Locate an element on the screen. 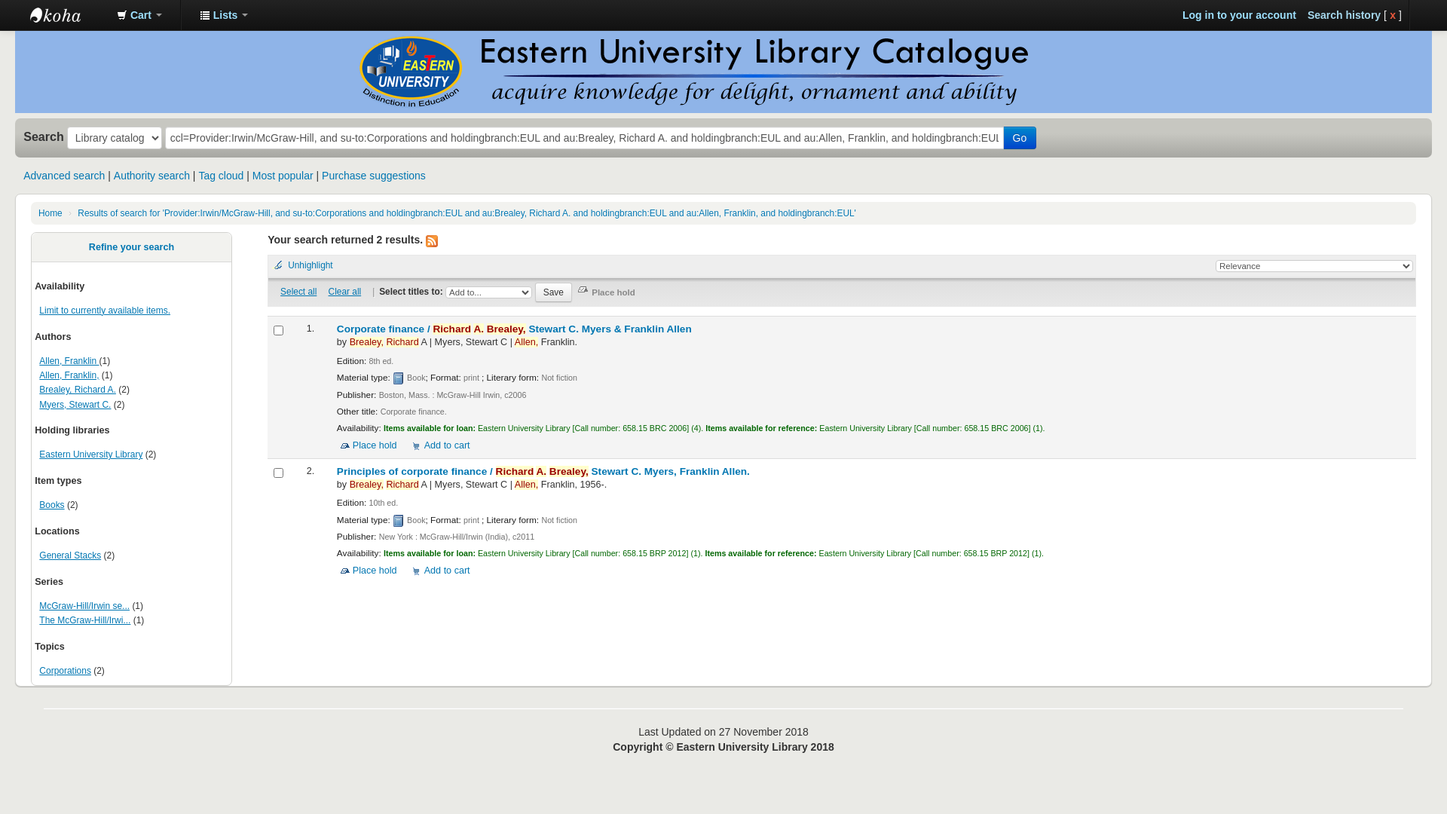 Image resolution: width=1447 pixels, height=814 pixels. 'Search history' is located at coordinates (1306, 14).